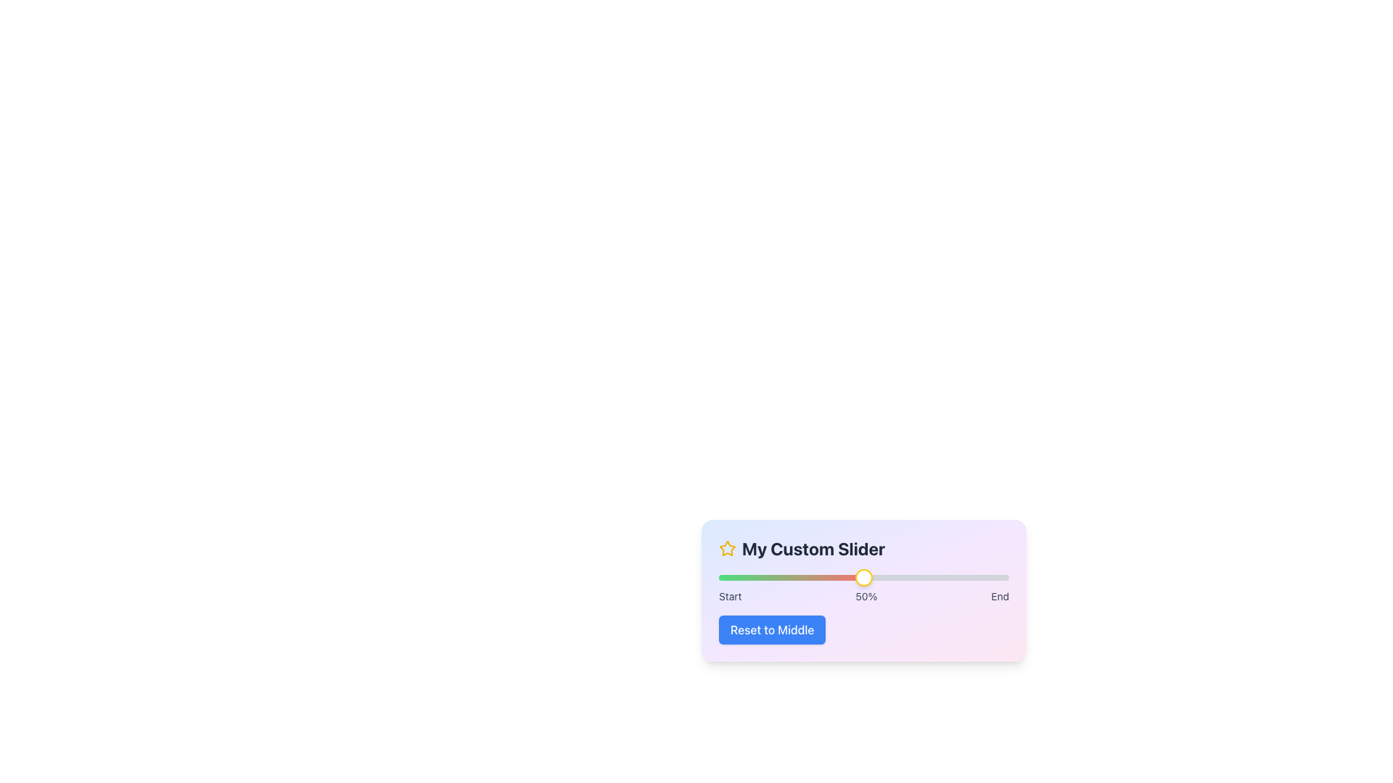 The height and width of the screenshot is (783, 1393). Describe the element at coordinates (919, 577) in the screenshot. I see `the slider` at that location.